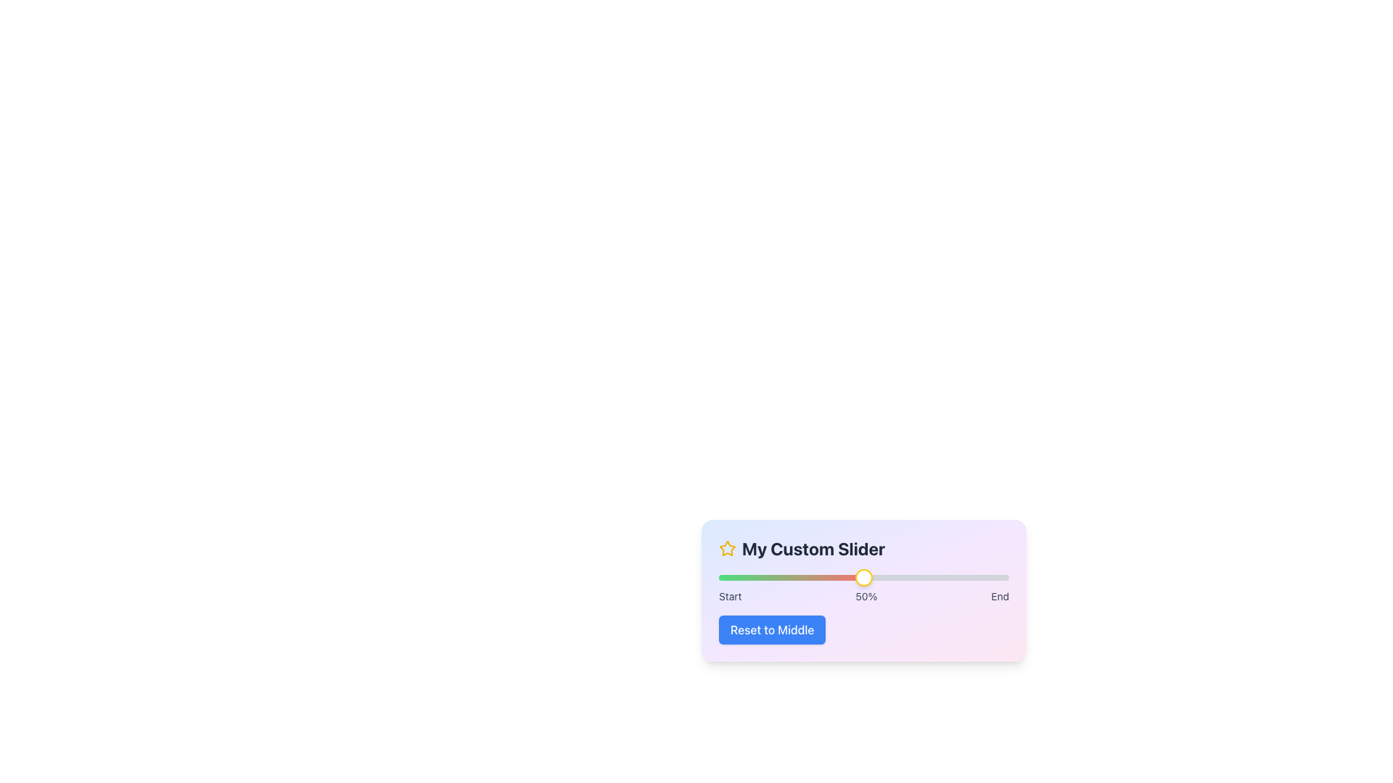 The height and width of the screenshot is (783, 1393). Describe the element at coordinates (919, 577) in the screenshot. I see `the slider` at that location.